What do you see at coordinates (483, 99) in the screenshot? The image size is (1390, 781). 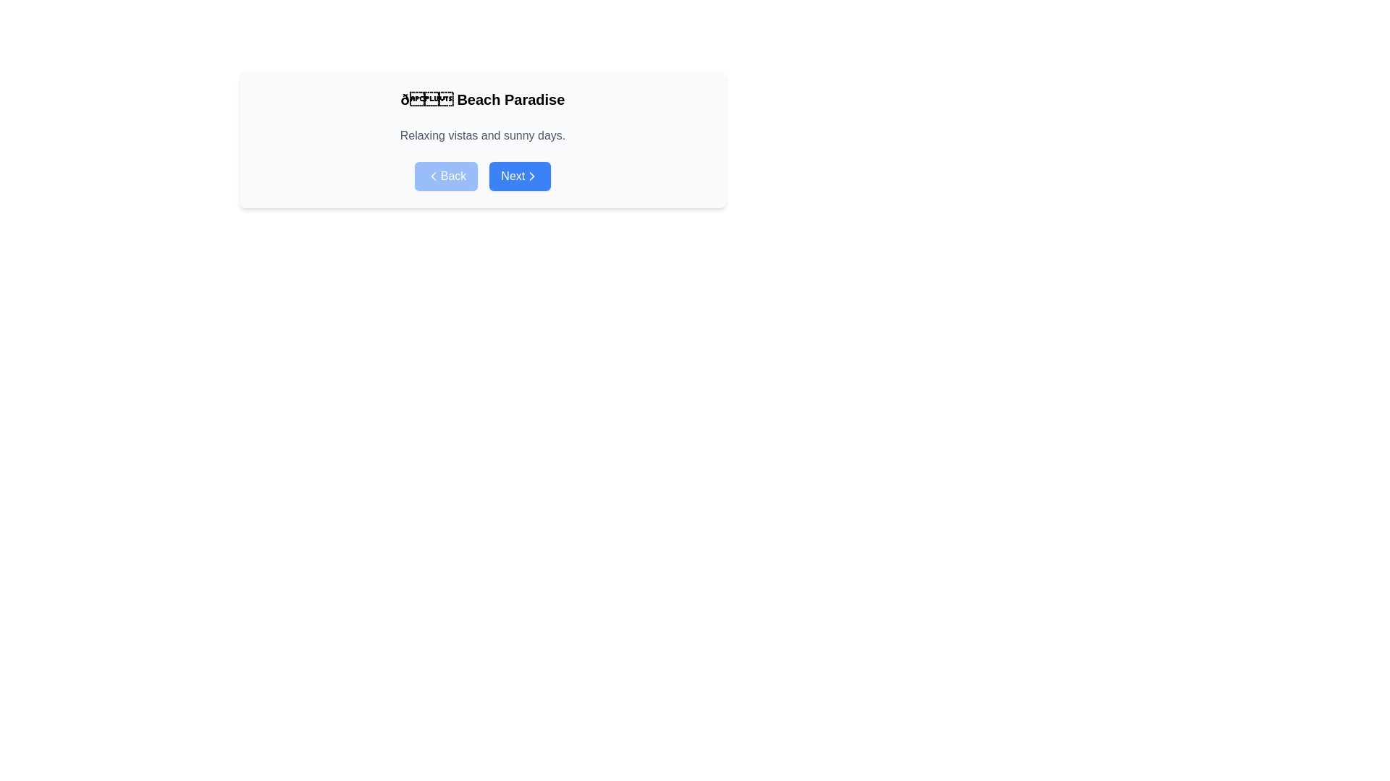 I see `the 'Beach Paradise' text element, which is a bold, larger size text with an emoji, positioned centrally above the text 'Relaxing vistas and sunny days.' and the navigation buttons 'Back' and 'Next'` at bounding box center [483, 99].